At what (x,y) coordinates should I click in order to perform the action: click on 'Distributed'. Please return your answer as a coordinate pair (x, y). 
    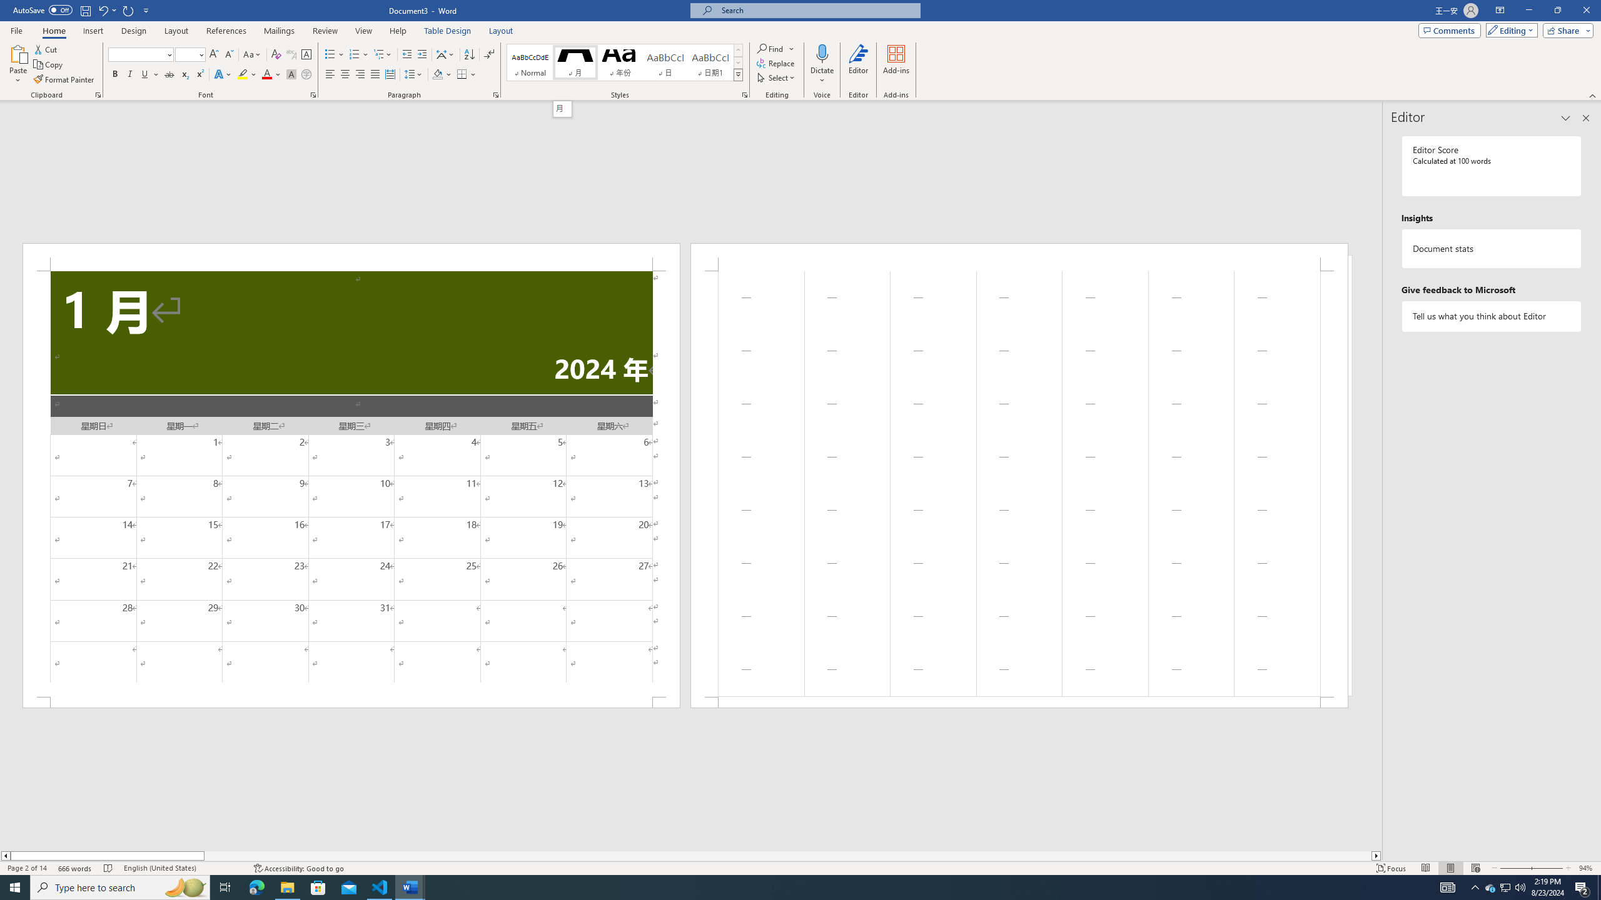
    Looking at the image, I should click on (390, 74).